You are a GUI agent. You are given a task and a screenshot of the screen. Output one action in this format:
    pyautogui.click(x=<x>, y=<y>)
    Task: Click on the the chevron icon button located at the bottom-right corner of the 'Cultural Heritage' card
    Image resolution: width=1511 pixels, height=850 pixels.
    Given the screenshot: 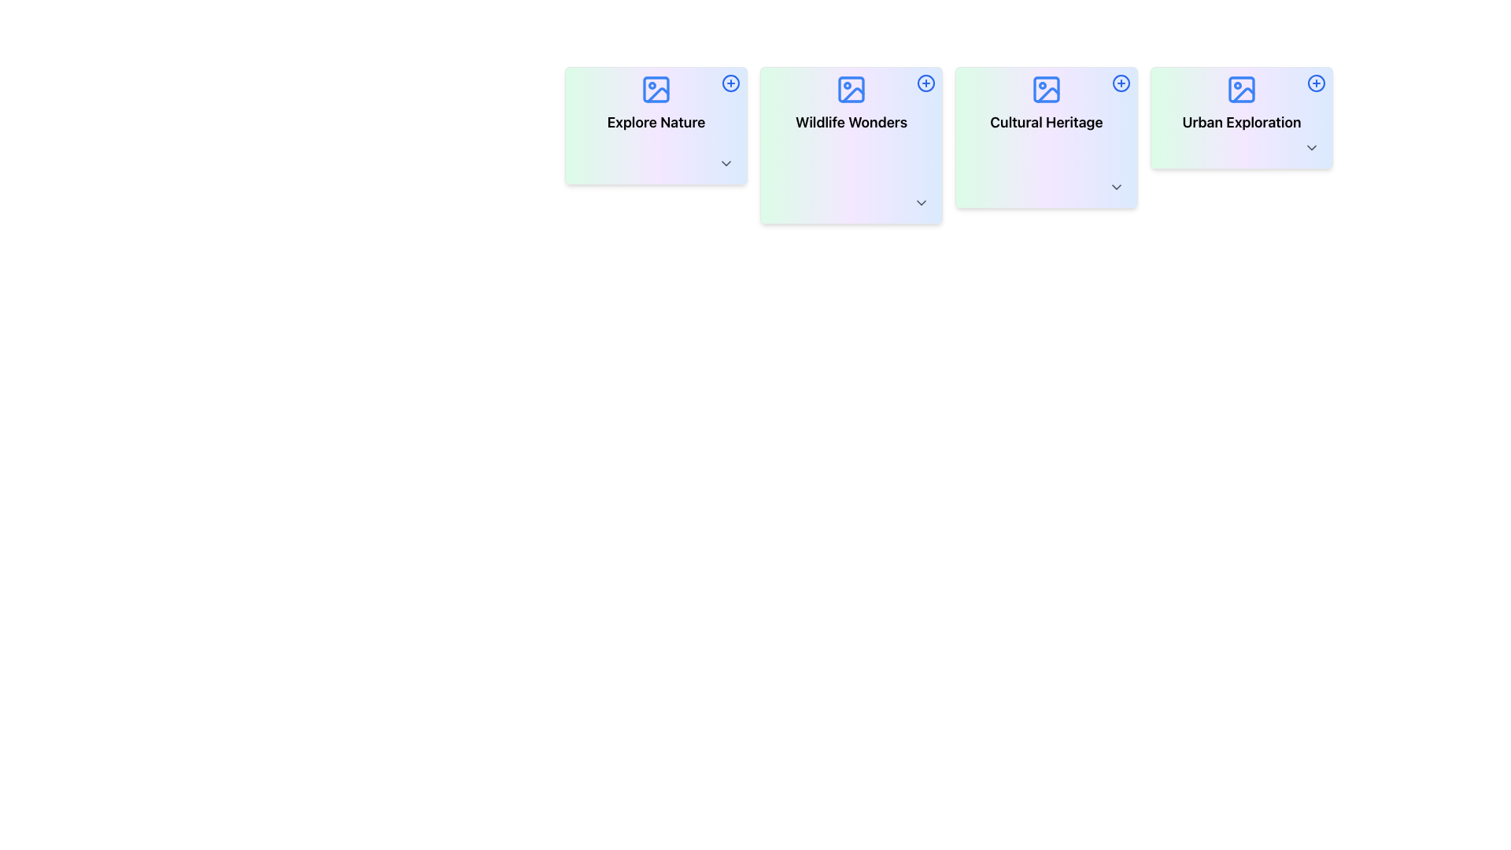 What is the action you would take?
    pyautogui.click(x=1116, y=187)
    